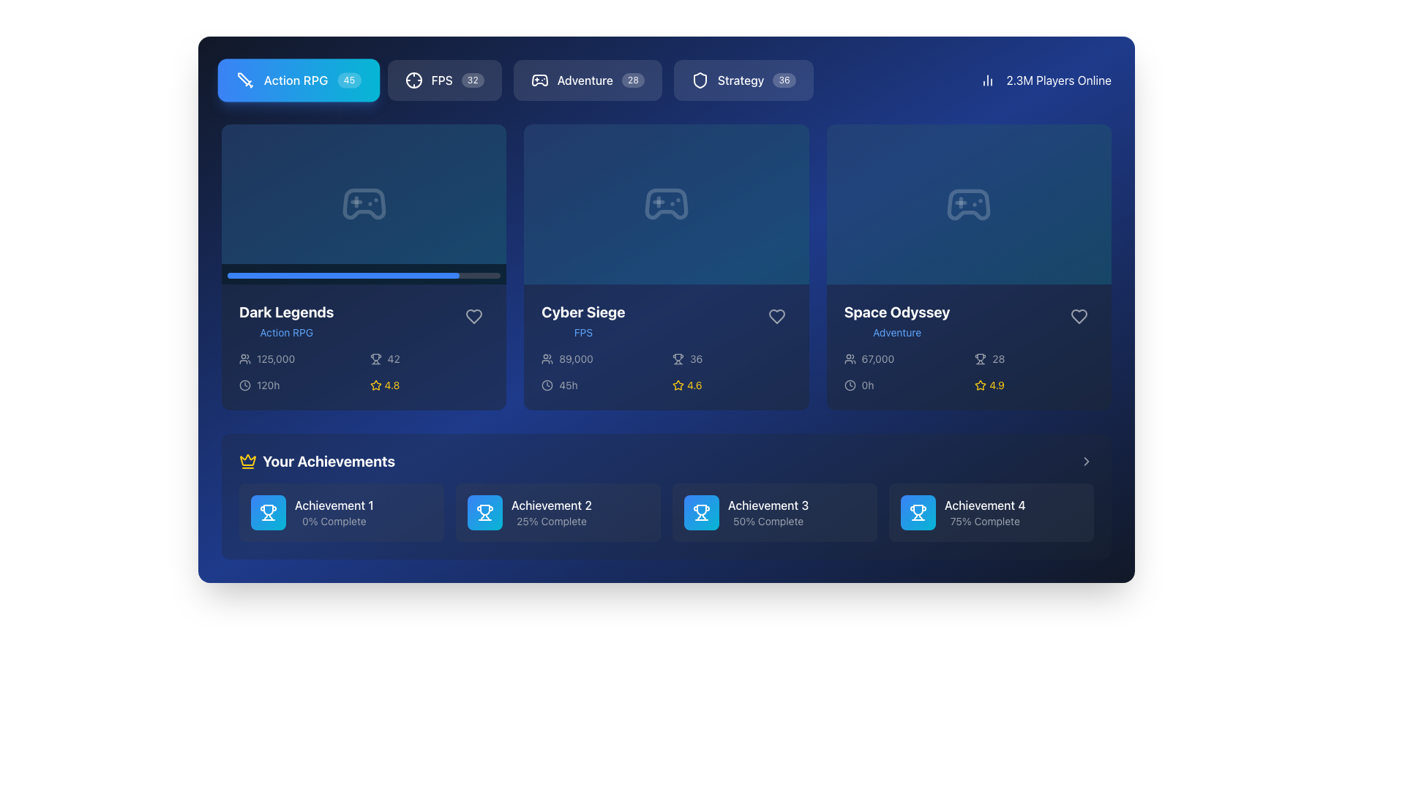  I want to click on the user icon located at the bottom-left corner of the 'Dark Legends' card, which is styled with gray outlines and positioned next to the text '125,000', to use it as visual support for the text, so click(245, 358).